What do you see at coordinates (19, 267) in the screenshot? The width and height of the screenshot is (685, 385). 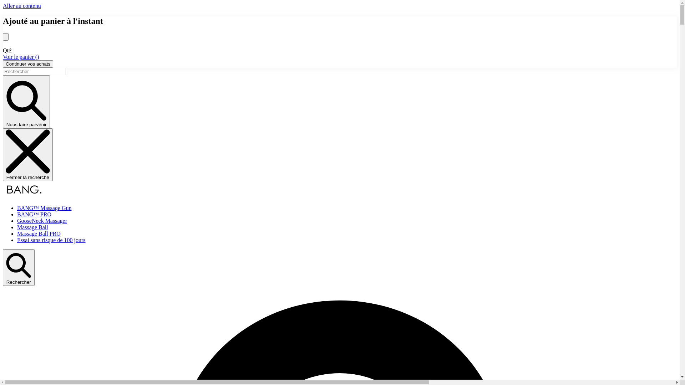 I see `'Rechercher'` at bounding box center [19, 267].